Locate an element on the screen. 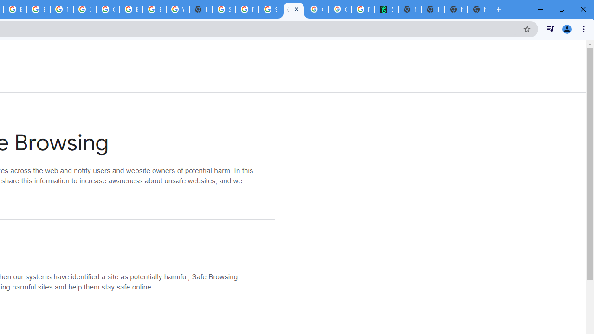 The height and width of the screenshot is (334, 594). 'Sign in - Google Accounts' is located at coordinates (224, 9).